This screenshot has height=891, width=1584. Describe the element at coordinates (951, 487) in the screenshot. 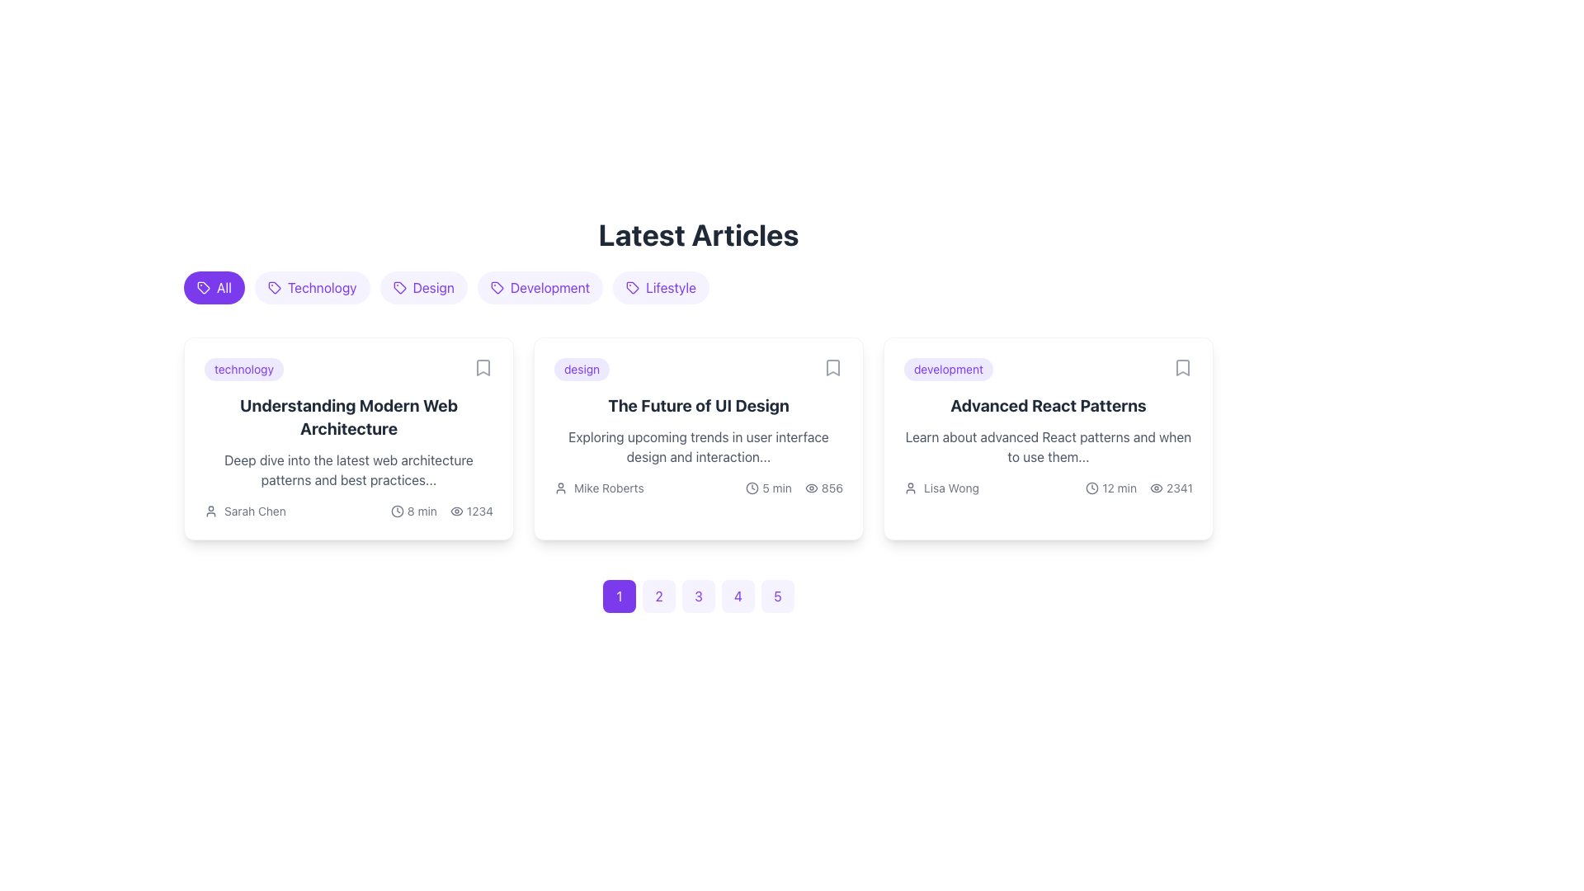

I see `the text label 'Lisa Wong' located in the 'Advanced React Patterns' card, positioned beneath the article description and to the right of a user icon` at that location.